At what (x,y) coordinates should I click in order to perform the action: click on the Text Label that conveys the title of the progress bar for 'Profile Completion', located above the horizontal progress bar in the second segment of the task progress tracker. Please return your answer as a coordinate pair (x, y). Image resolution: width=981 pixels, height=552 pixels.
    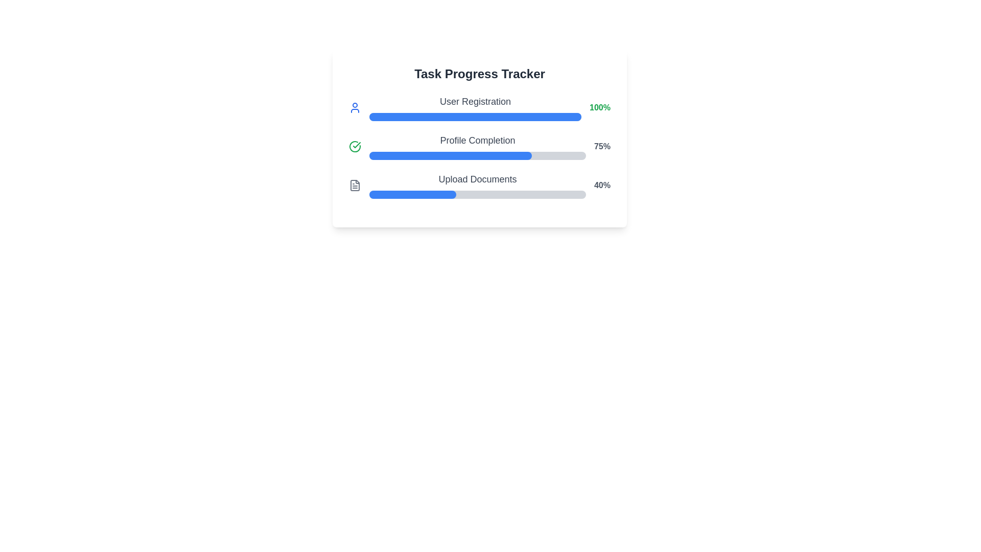
    Looking at the image, I should click on (477, 140).